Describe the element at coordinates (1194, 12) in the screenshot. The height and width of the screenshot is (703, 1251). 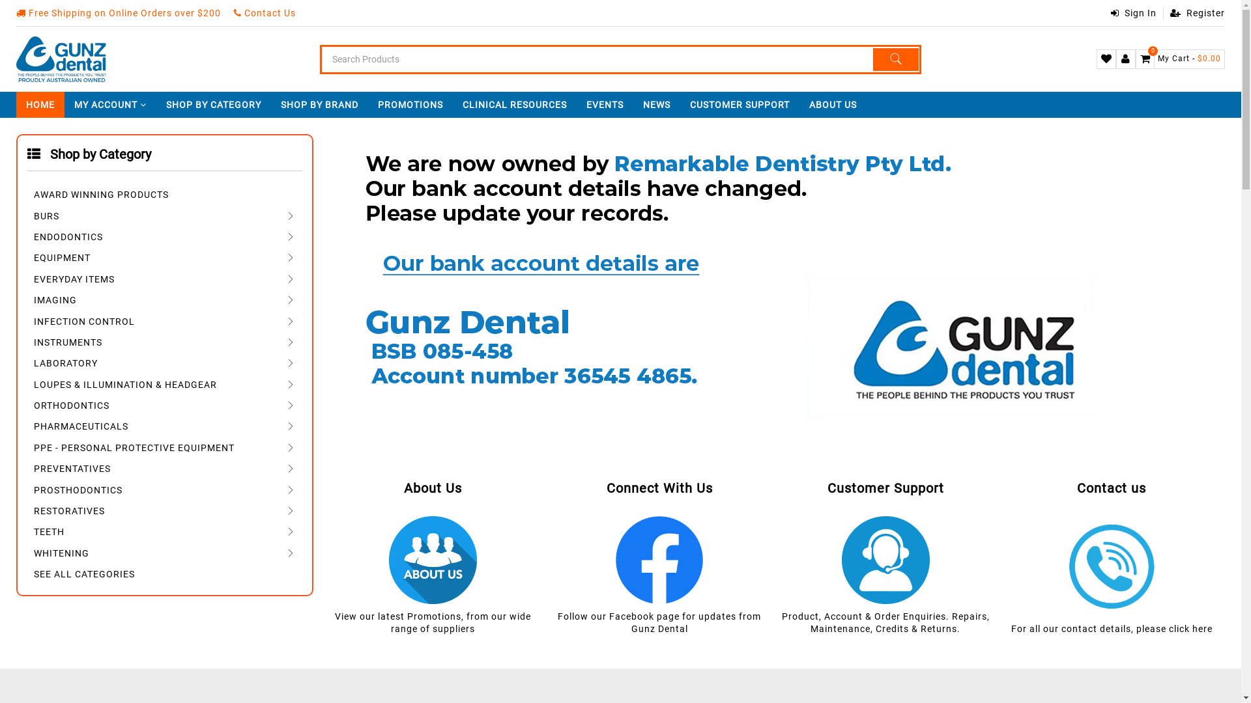
I see `'  Register'` at that location.